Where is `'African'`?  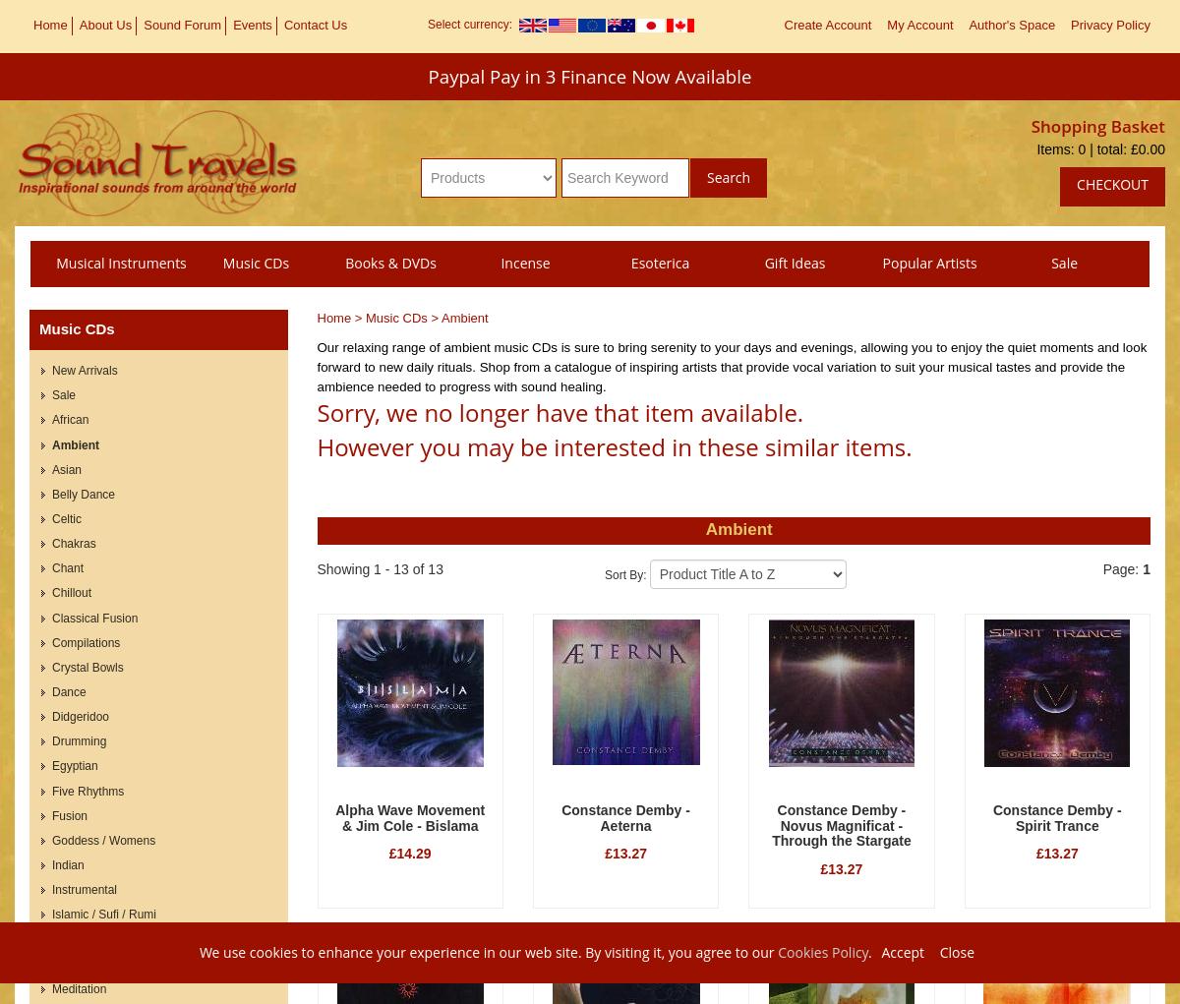
'African' is located at coordinates (70, 418).